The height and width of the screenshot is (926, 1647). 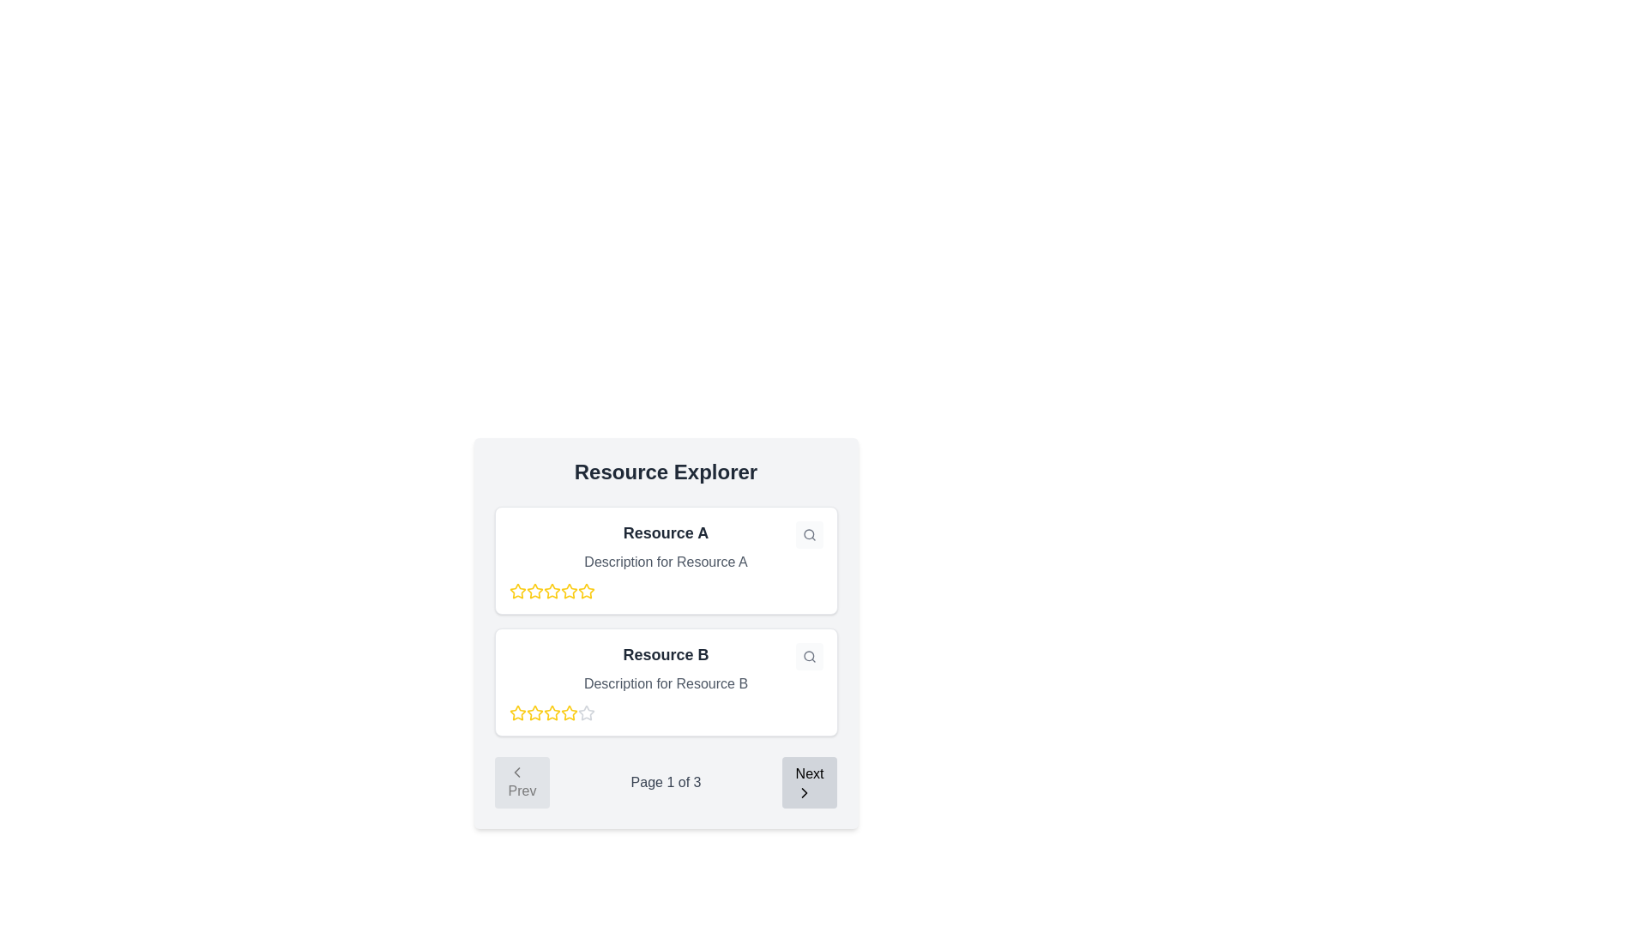 What do you see at coordinates (522, 783) in the screenshot?
I see `the disabled navigation button located at the far left edge of the navigation controls in the Resource Explorer widget, adjacent to the 'Page 1 of 3' label` at bounding box center [522, 783].